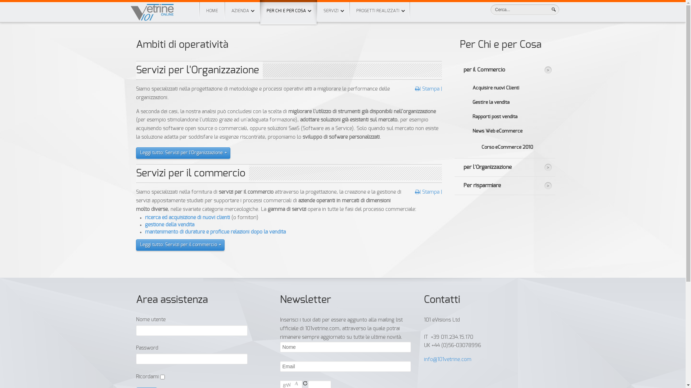 This screenshot has height=388, width=691. What do you see at coordinates (333, 11) in the screenshot?
I see `'SERVIZI'` at bounding box center [333, 11].